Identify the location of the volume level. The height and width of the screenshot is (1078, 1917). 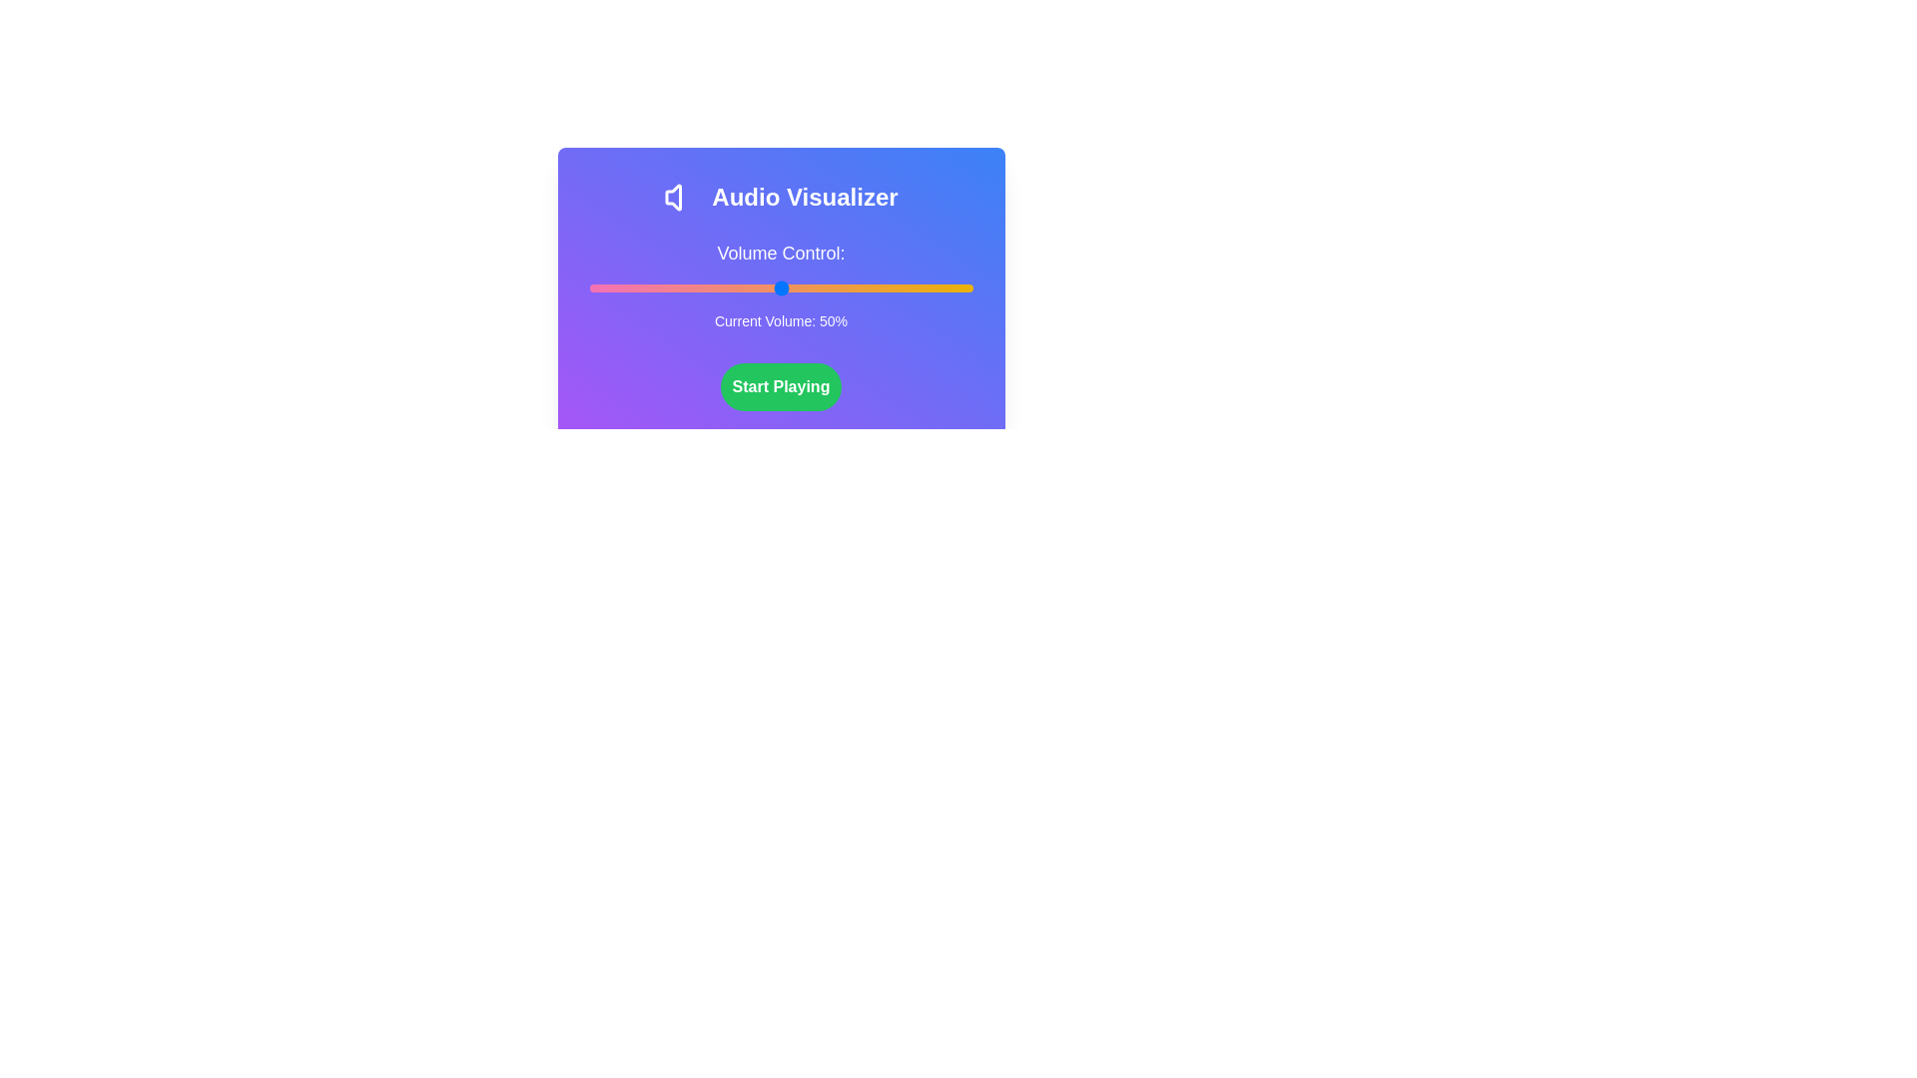
(647, 288).